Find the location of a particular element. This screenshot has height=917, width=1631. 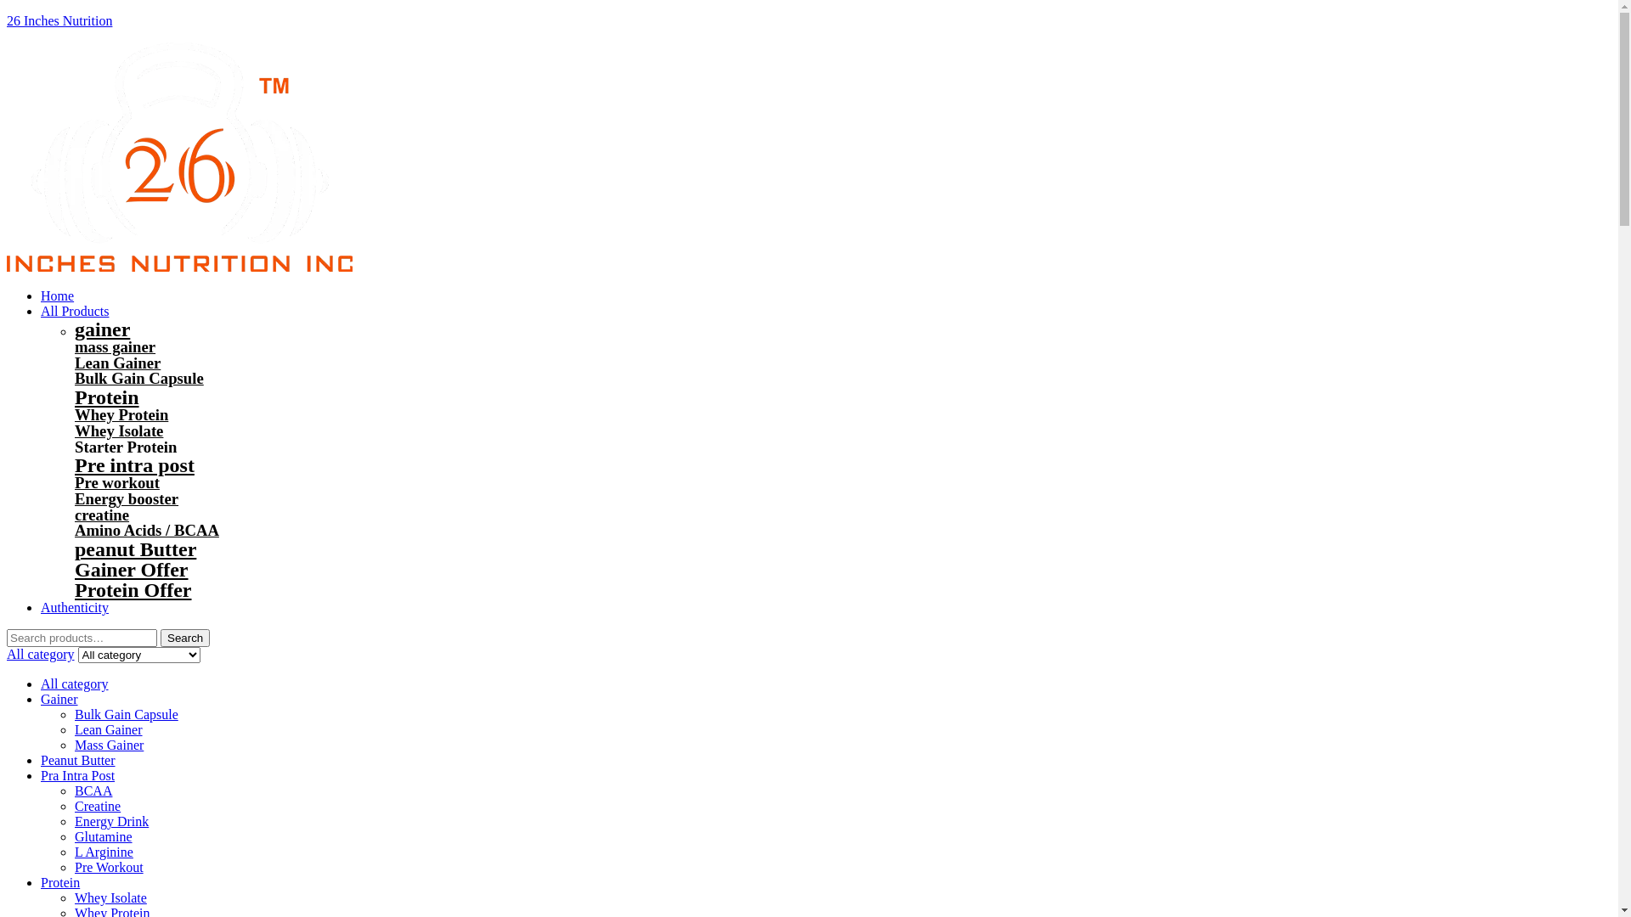

'Gainer Offer' is located at coordinates (73, 570).